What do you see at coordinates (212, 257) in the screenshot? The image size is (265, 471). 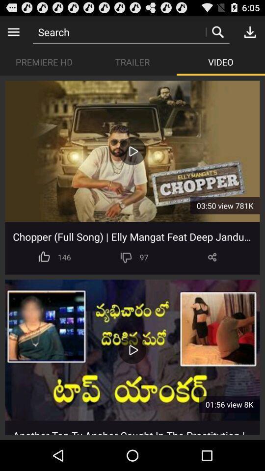 I see `icon below the chopper full song` at bounding box center [212, 257].